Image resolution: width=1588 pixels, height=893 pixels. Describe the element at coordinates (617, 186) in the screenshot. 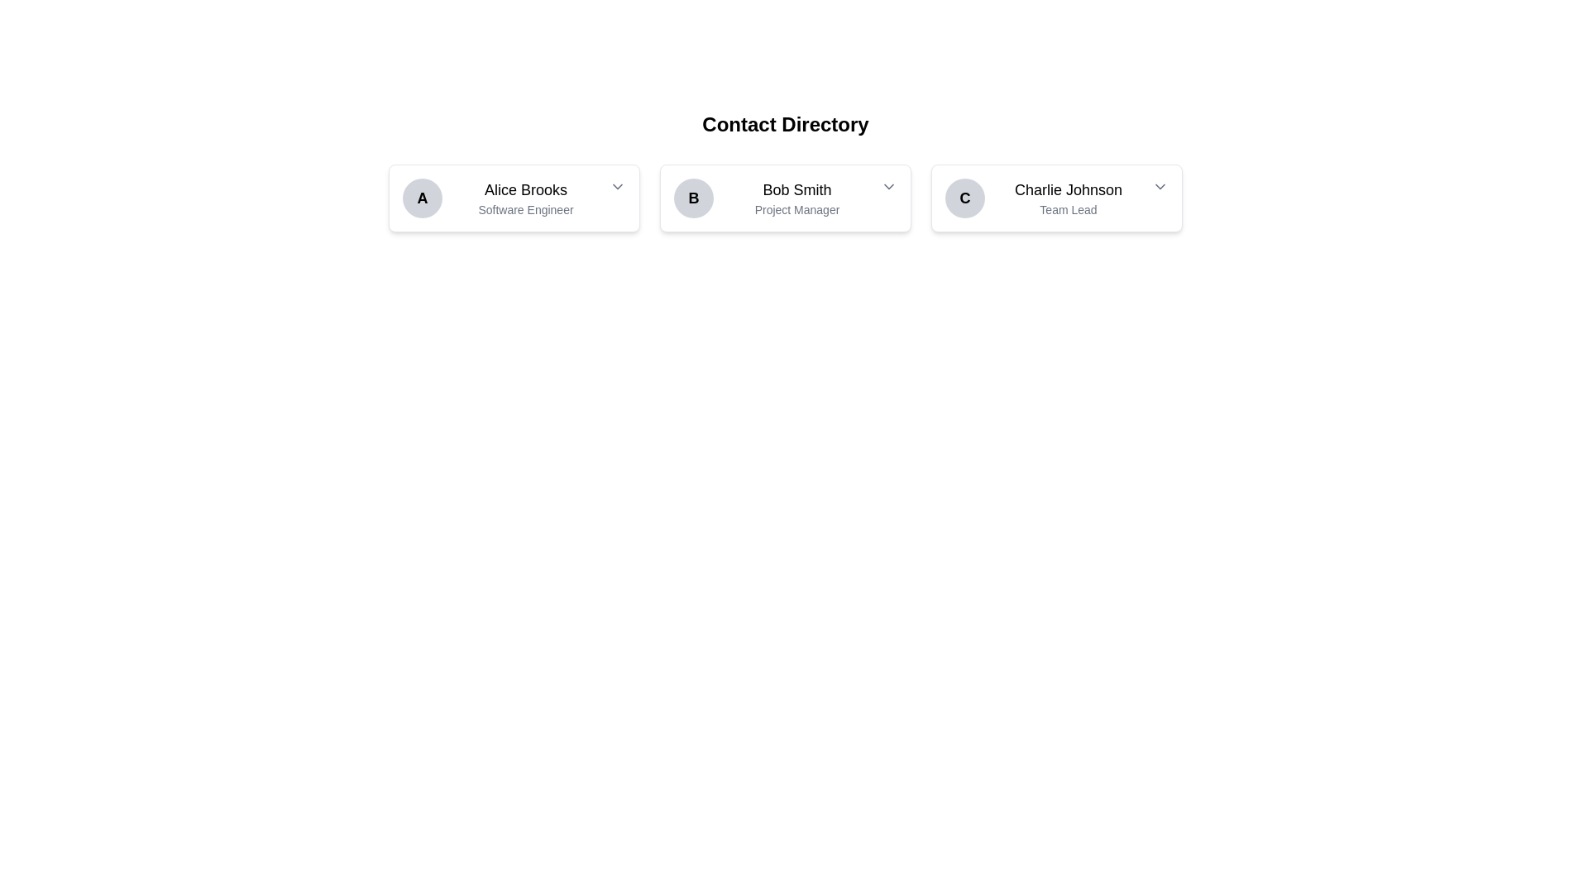

I see `the interactive dropdown trigger icon, a small downward-pointing chevron styled in gray tones, located on the right edge of the contact card for 'Alice Brooks, Software Engineer'` at that location.